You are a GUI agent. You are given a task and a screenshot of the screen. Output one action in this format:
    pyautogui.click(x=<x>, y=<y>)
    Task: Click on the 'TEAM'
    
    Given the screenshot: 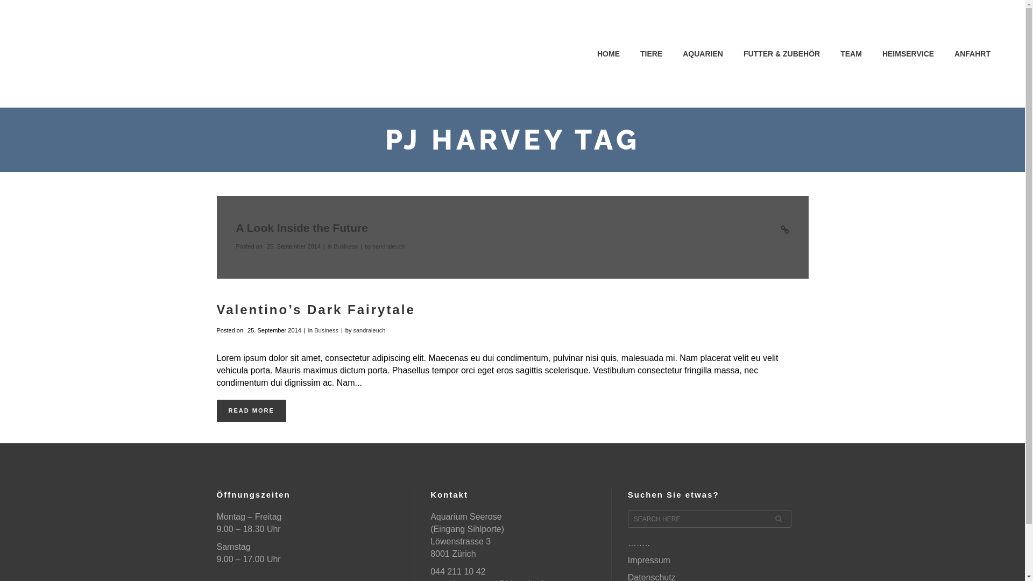 What is the action you would take?
    pyautogui.click(x=851, y=54)
    